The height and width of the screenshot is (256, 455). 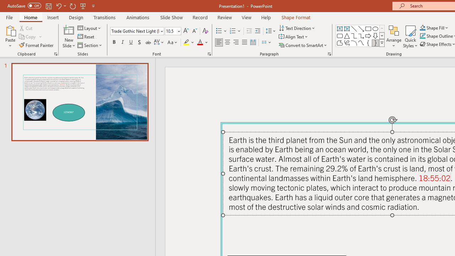 I want to click on 'Shape Outline Teal, Accent 1', so click(x=423, y=36).